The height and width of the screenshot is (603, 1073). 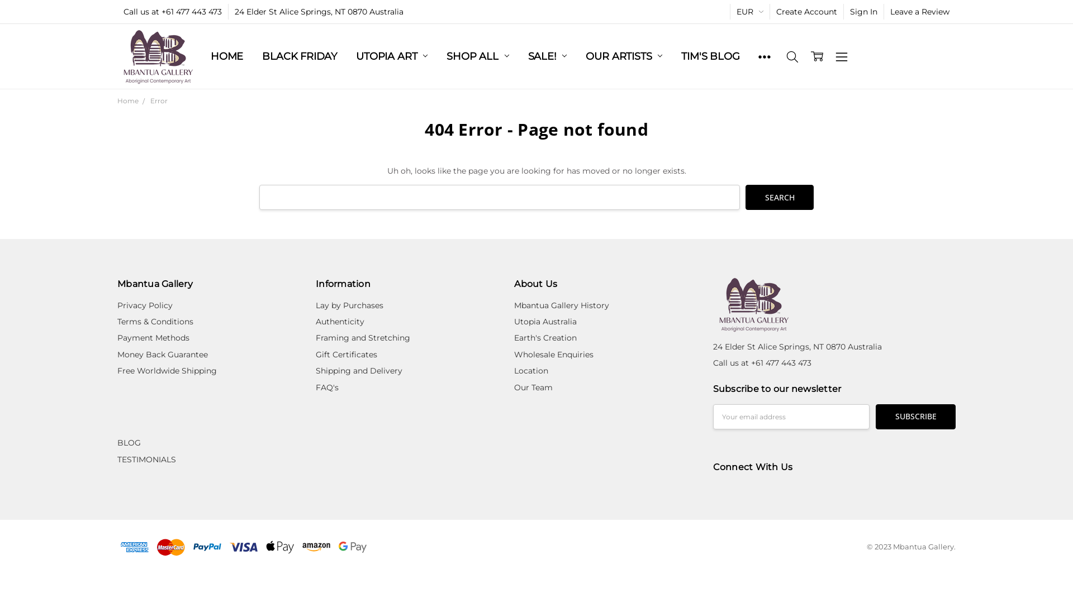 What do you see at coordinates (779, 197) in the screenshot?
I see `'Search'` at bounding box center [779, 197].